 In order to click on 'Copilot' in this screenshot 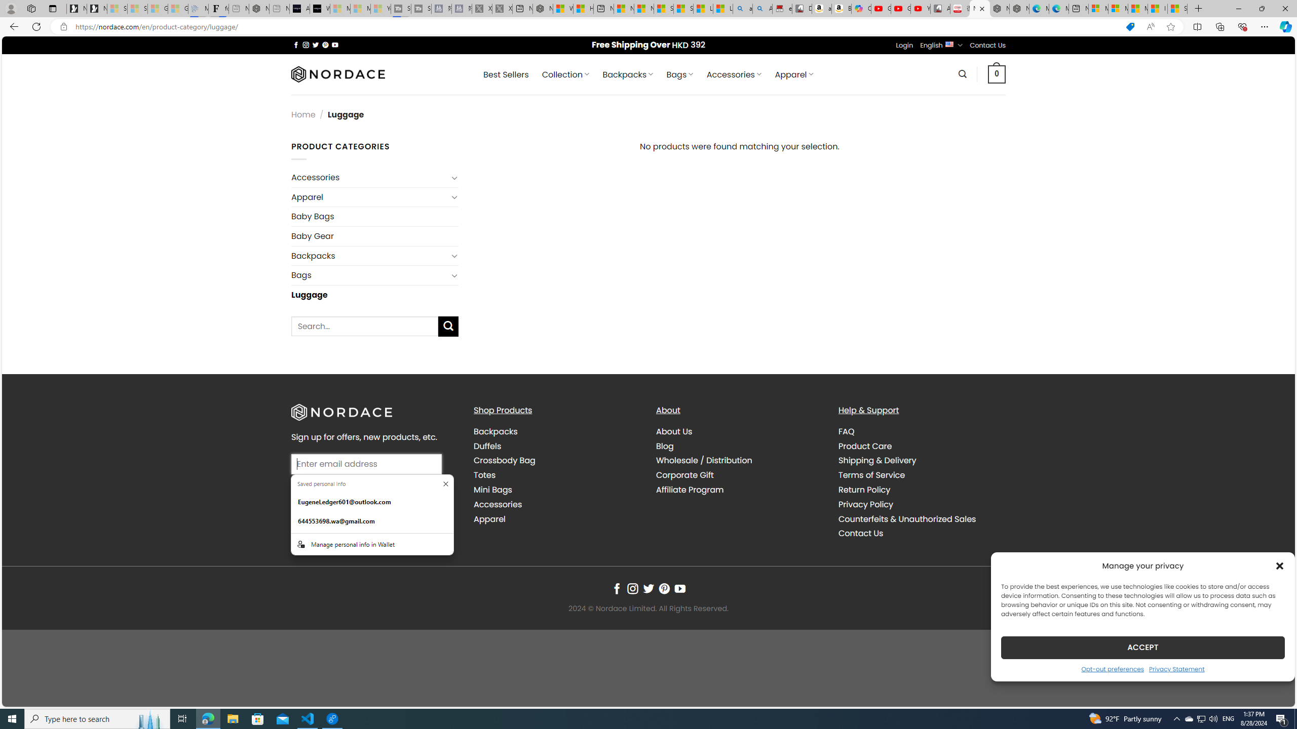, I will do `click(861, 8)`.